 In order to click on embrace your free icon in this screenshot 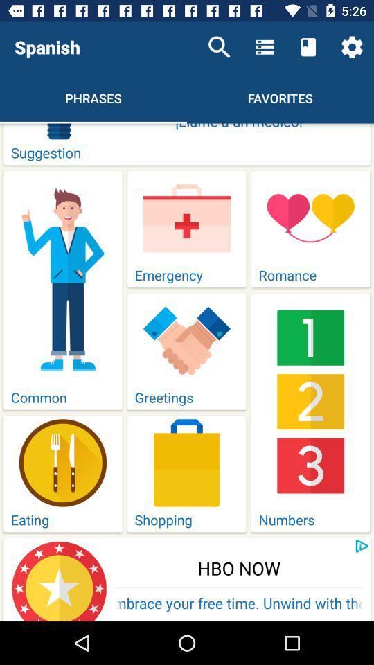, I will do `click(238, 604)`.